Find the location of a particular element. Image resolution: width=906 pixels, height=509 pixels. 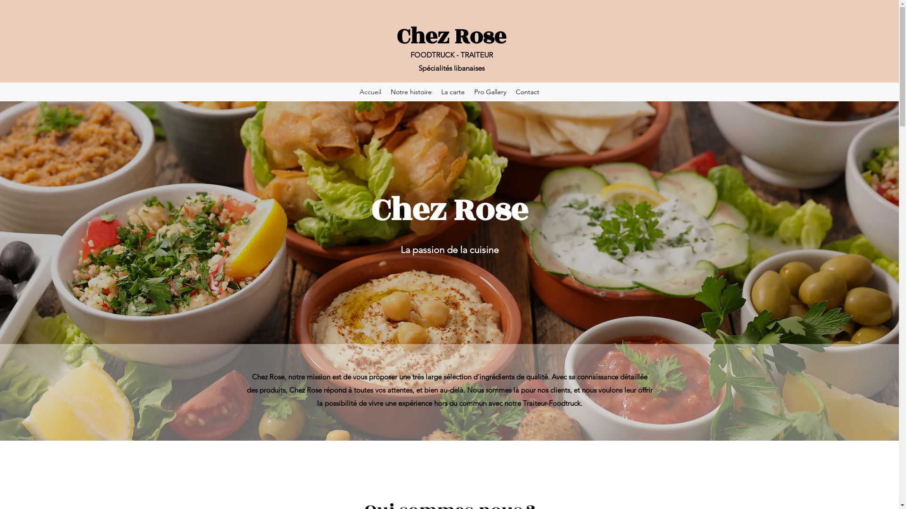

'Accueil' is located at coordinates (370, 92).